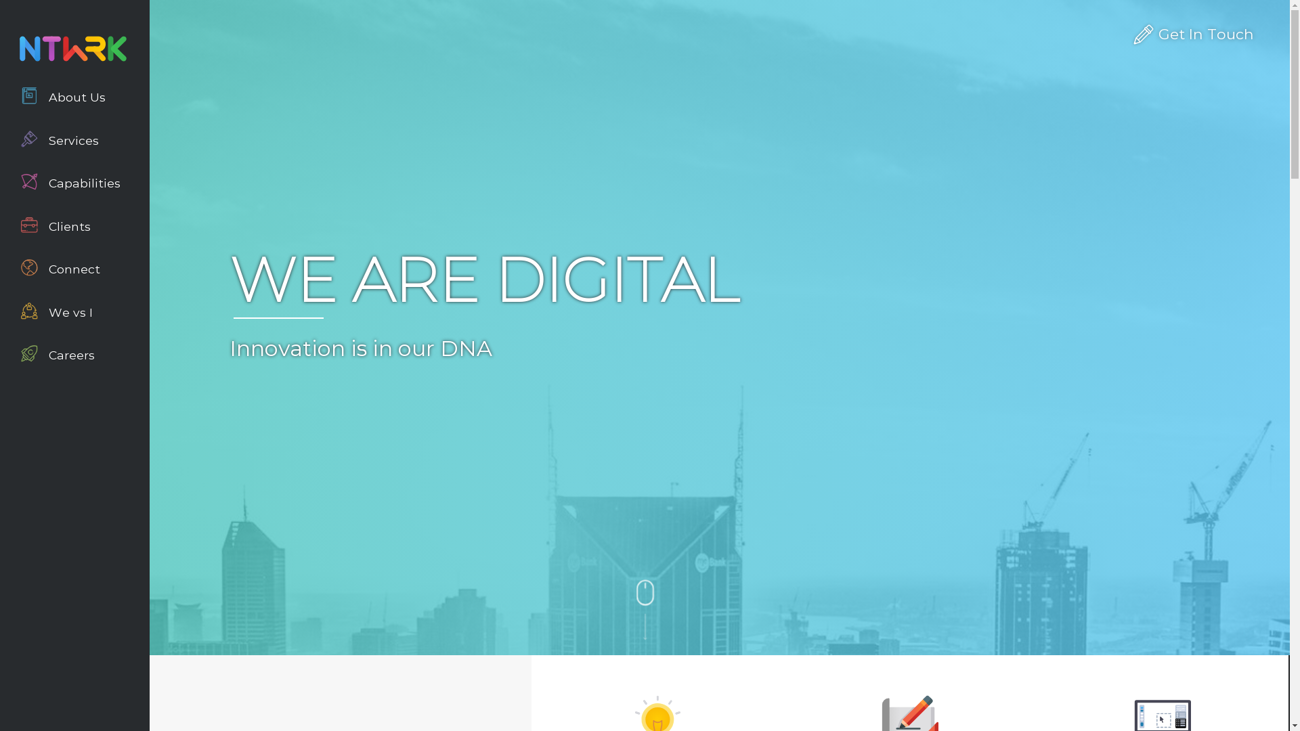 This screenshot has height=731, width=1300. Describe the element at coordinates (74, 183) in the screenshot. I see `'Capabilities'` at that location.